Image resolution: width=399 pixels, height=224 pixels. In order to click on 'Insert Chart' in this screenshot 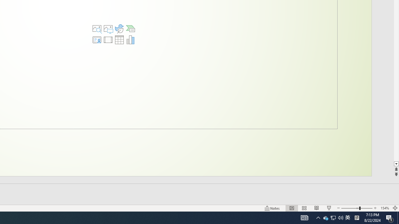, I will do `click(130, 40)`.